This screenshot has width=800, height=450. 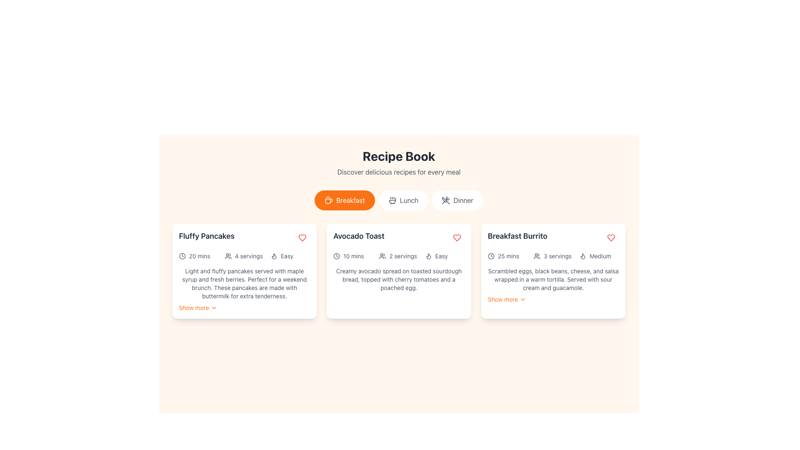 What do you see at coordinates (244, 283) in the screenshot?
I see `the text block that provides a brief description of the recipe 'Fluffy Pancakes', which is centrally located within the first recipe card, positioned above the 'Show more' link` at bounding box center [244, 283].